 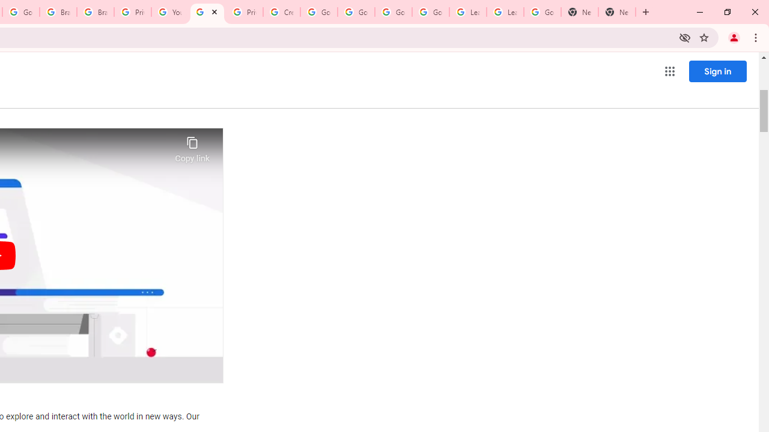 What do you see at coordinates (281, 12) in the screenshot?
I see `'Create your Google Account'` at bounding box center [281, 12].